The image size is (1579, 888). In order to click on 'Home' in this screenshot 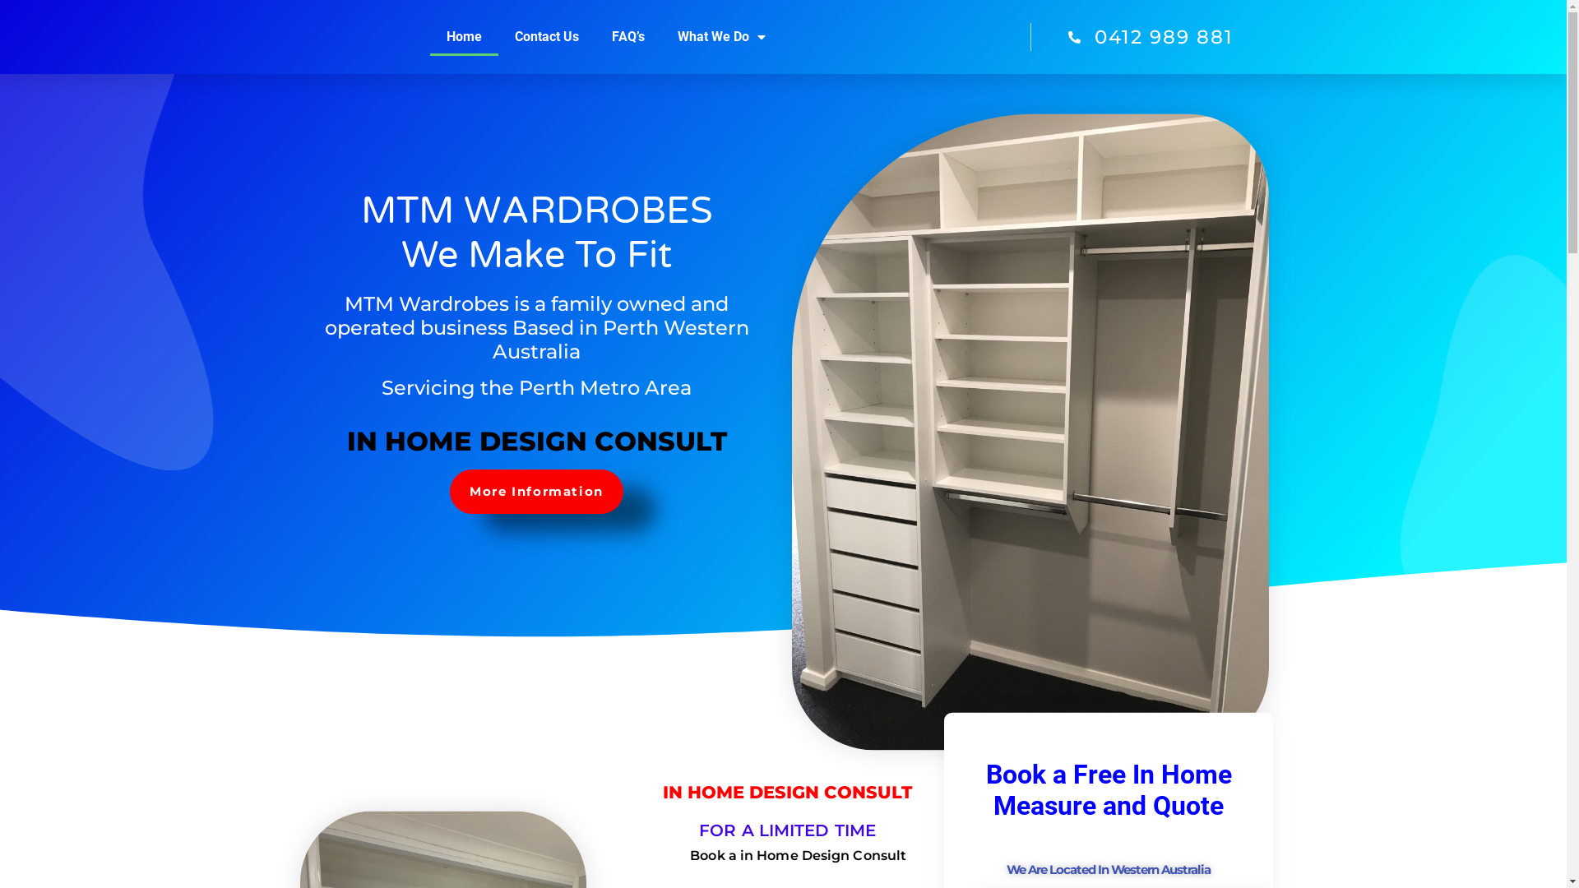, I will do `click(430, 37)`.